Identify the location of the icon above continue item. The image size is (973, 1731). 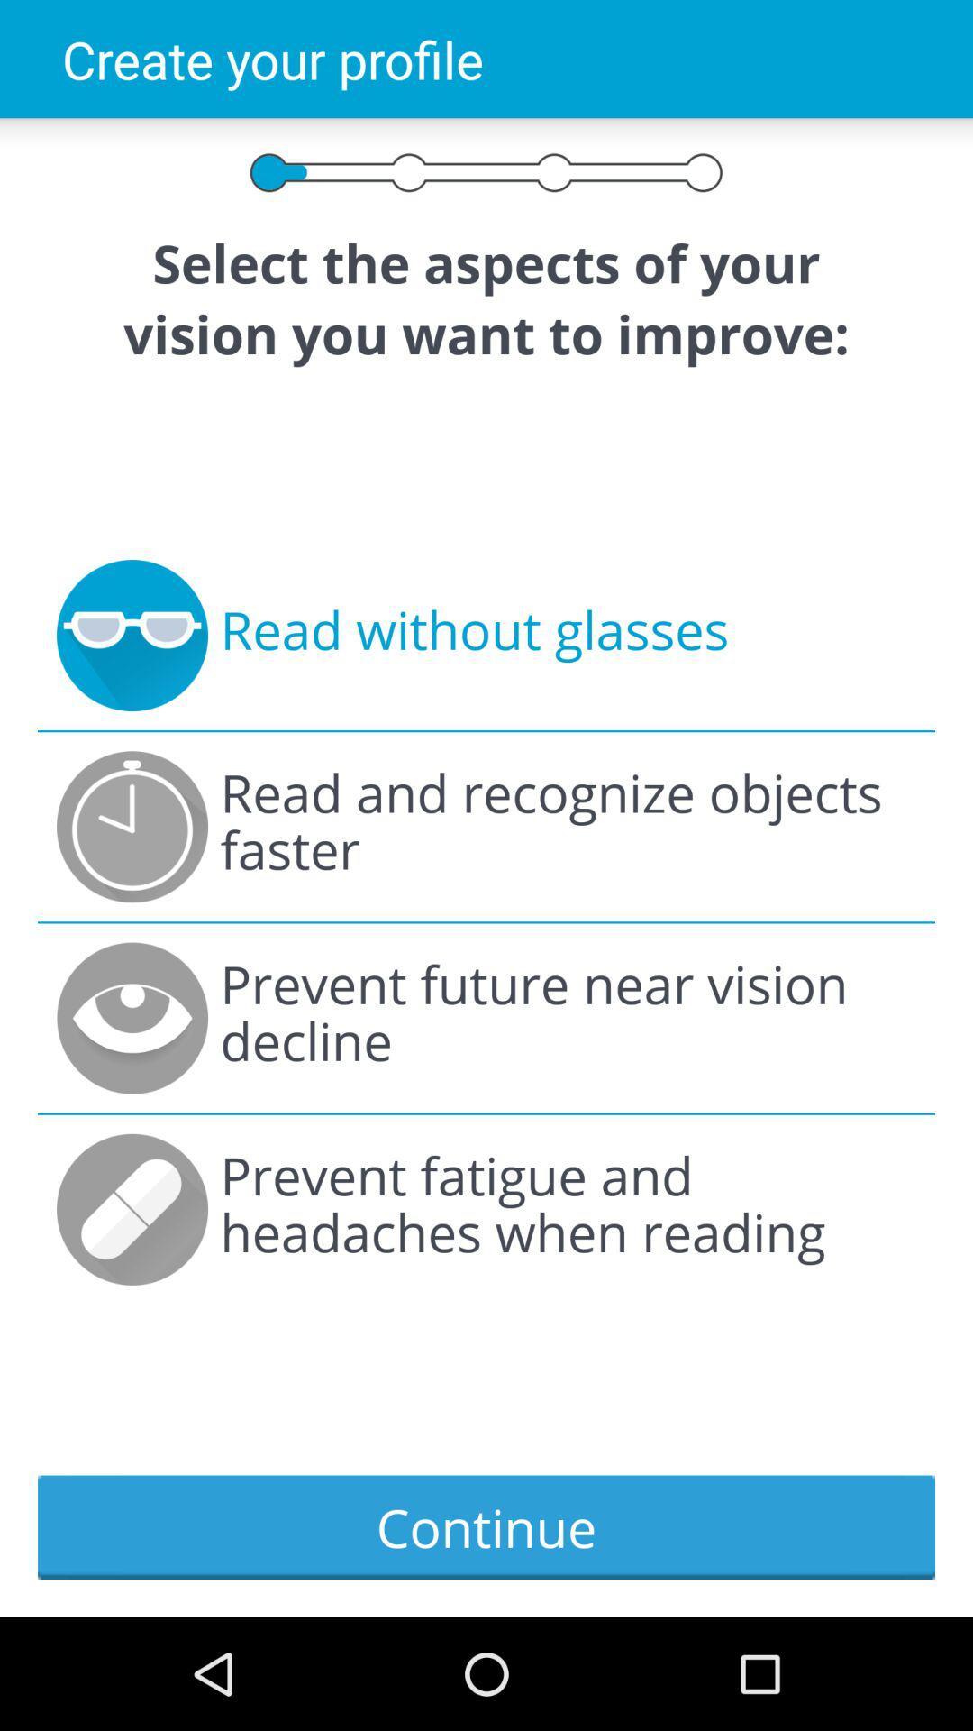
(568, 1209).